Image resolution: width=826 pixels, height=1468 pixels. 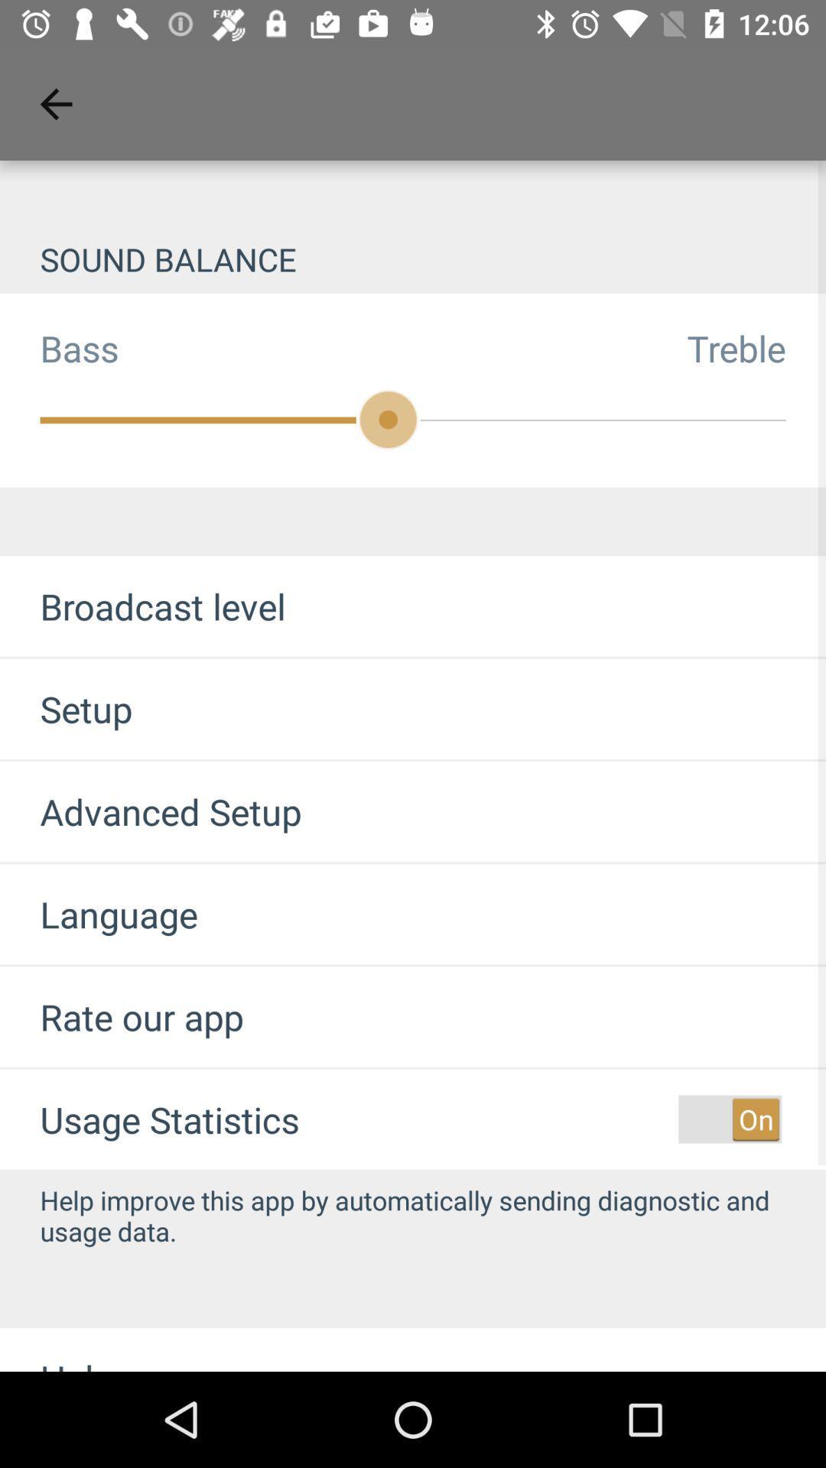 What do you see at coordinates (58, 347) in the screenshot?
I see `the icon to the left of the treble icon` at bounding box center [58, 347].